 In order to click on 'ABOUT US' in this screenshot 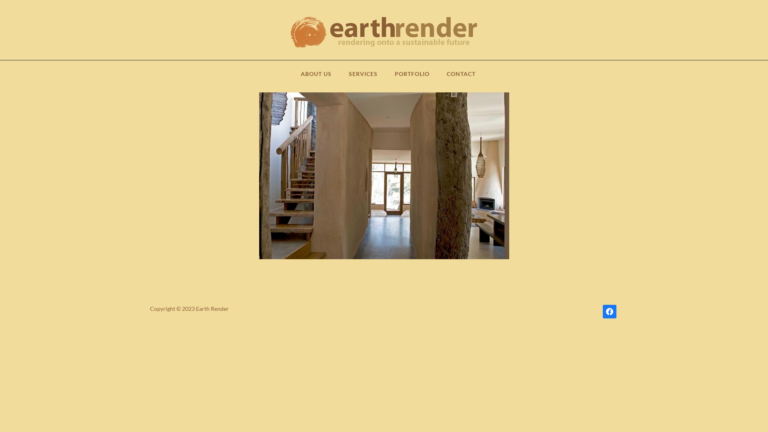, I will do `click(300, 77)`.